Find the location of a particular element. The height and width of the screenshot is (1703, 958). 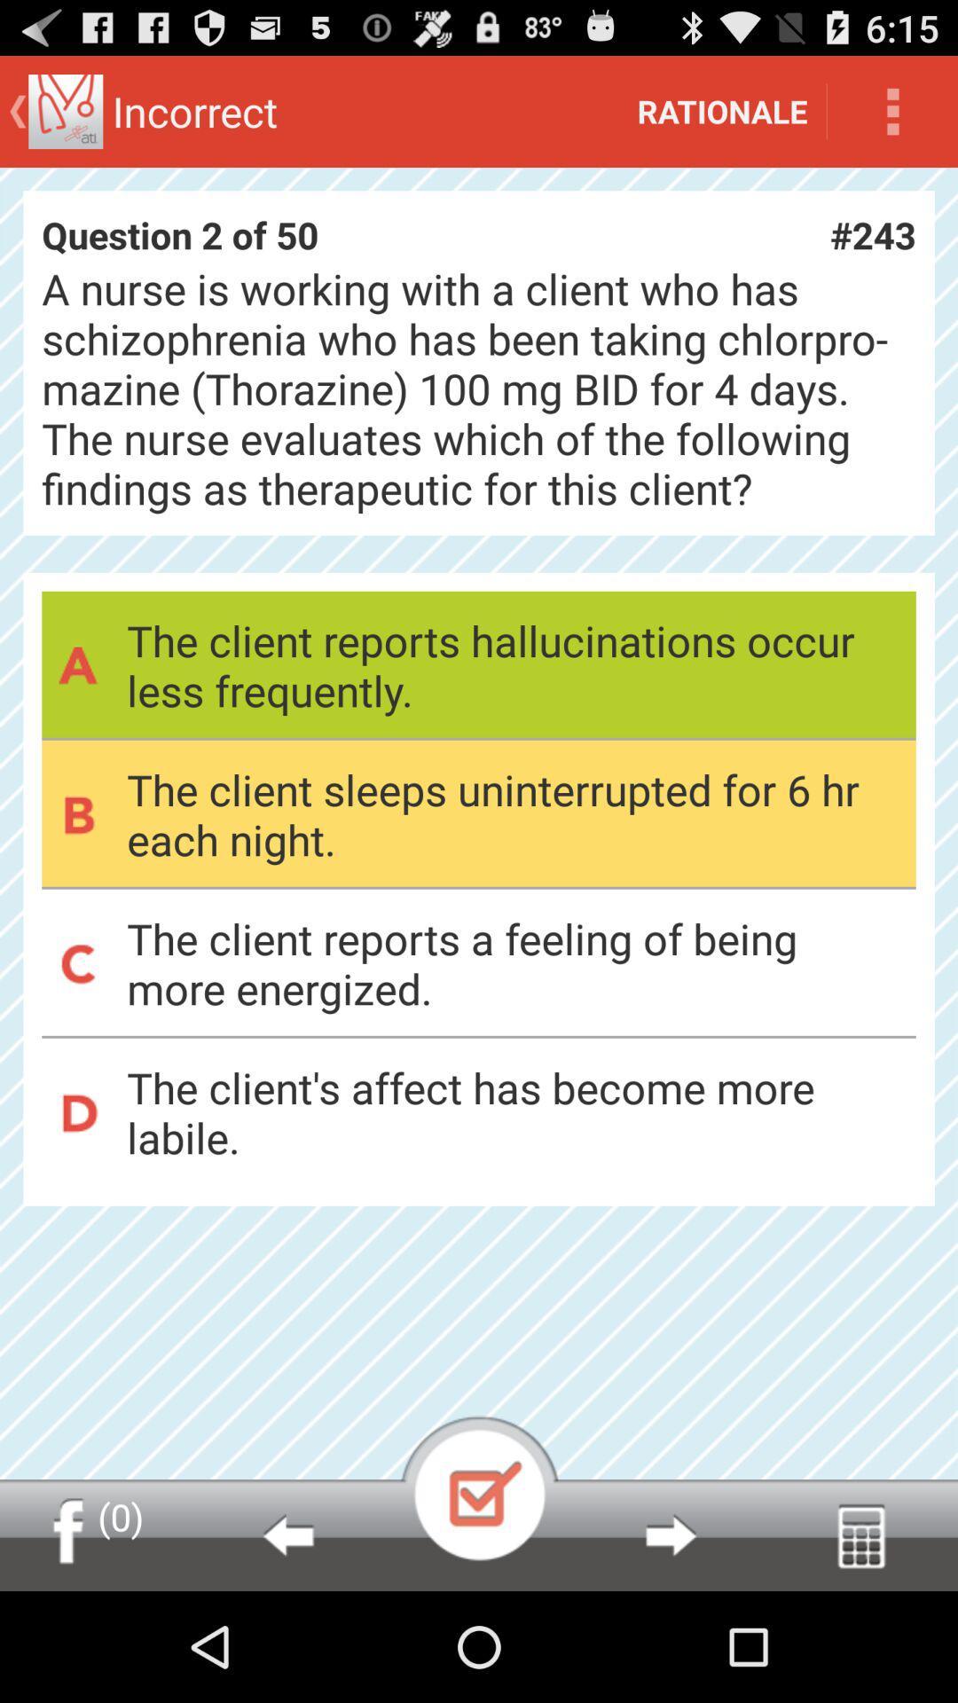

the icon in middle of back arrow and forward arrow is located at coordinates (479, 1488).